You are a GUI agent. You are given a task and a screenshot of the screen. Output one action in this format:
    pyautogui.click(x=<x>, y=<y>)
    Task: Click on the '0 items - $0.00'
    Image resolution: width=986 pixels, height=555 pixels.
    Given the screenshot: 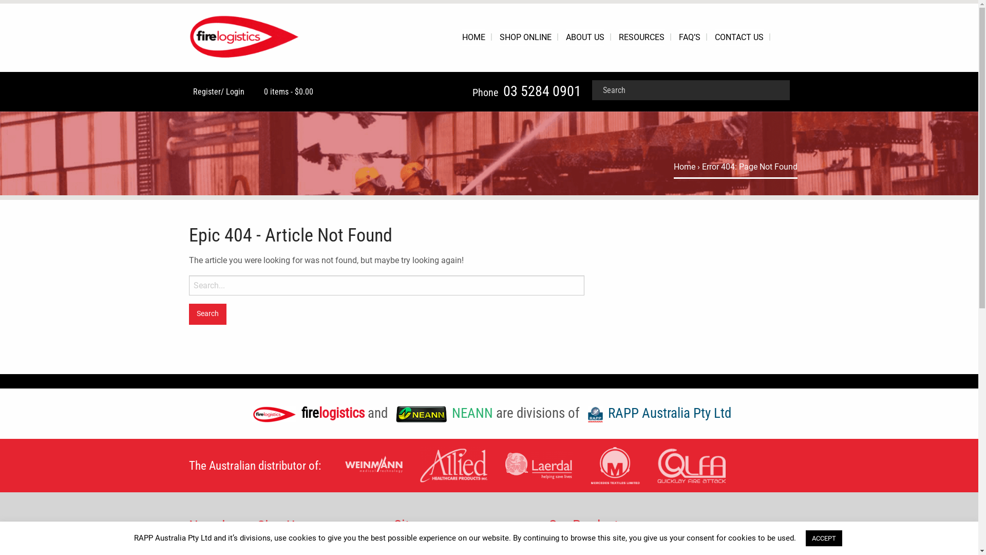 What is the action you would take?
    pyautogui.click(x=259, y=91)
    